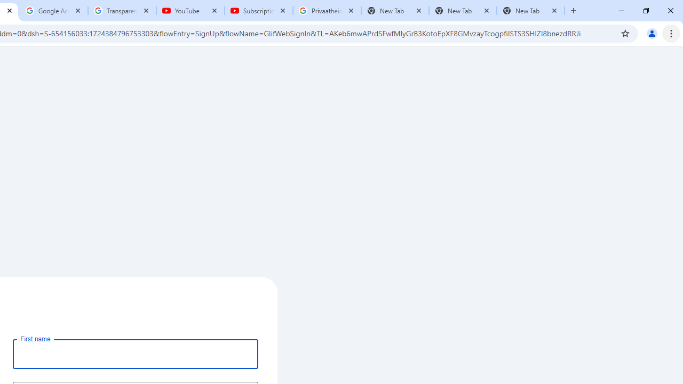 Image resolution: width=683 pixels, height=384 pixels. What do you see at coordinates (651, 33) in the screenshot?
I see `'You'` at bounding box center [651, 33].